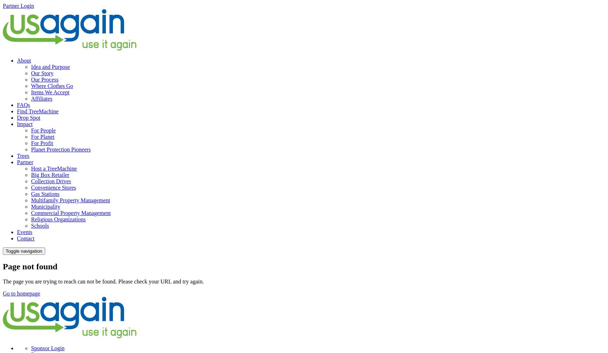 Image resolution: width=608 pixels, height=353 pixels. What do you see at coordinates (21, 293) in the screenshot?
I see `'Go to homepage'` at bounding box center [21, 293].